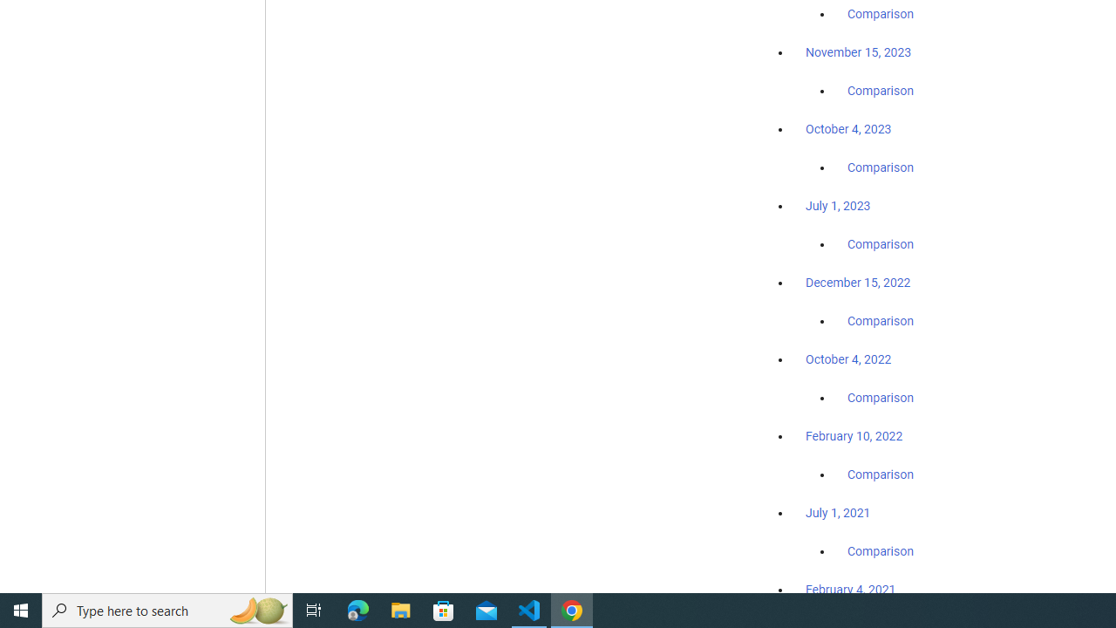  Describe the element at coordinates (838, 205) in the screenshot. I see `'July 1, 2023'` at that location.